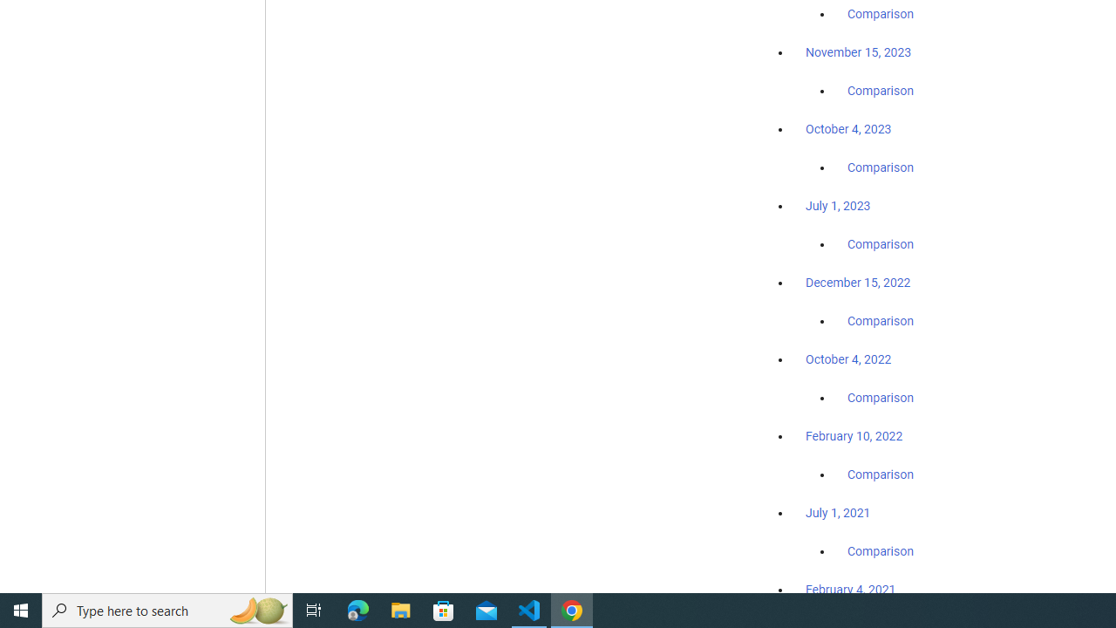  Describe the element at coordinates (838, 205) in the screenshot. I see `'July 1, 2023'` at that location.